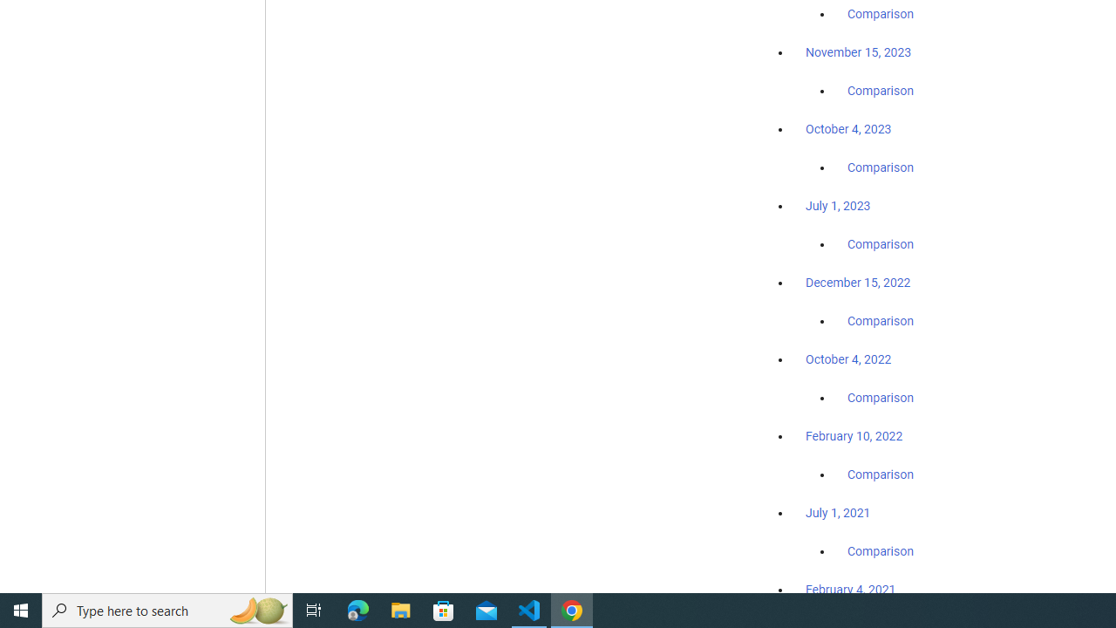  Describe the element at coordinates (838, 205) in the screenshot. I see `'July 1, 2023'` at that location.